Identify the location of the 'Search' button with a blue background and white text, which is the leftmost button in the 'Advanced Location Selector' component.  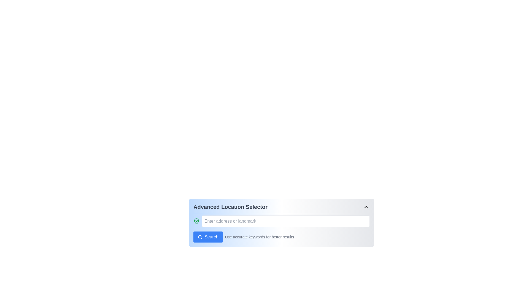
(208, 237).